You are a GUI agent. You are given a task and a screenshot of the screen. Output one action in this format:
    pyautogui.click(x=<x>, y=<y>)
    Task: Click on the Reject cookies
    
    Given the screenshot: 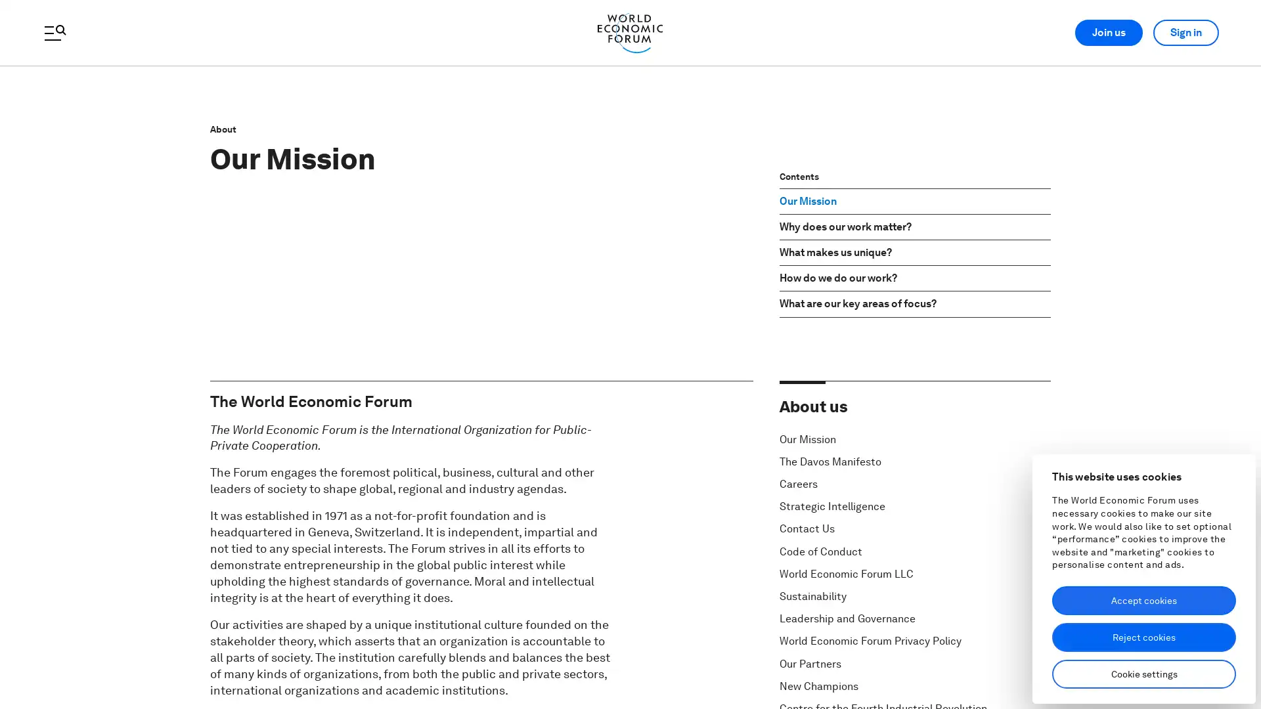 What is the action you would take?
    pyautogui.click(x=1143, y=637)
    